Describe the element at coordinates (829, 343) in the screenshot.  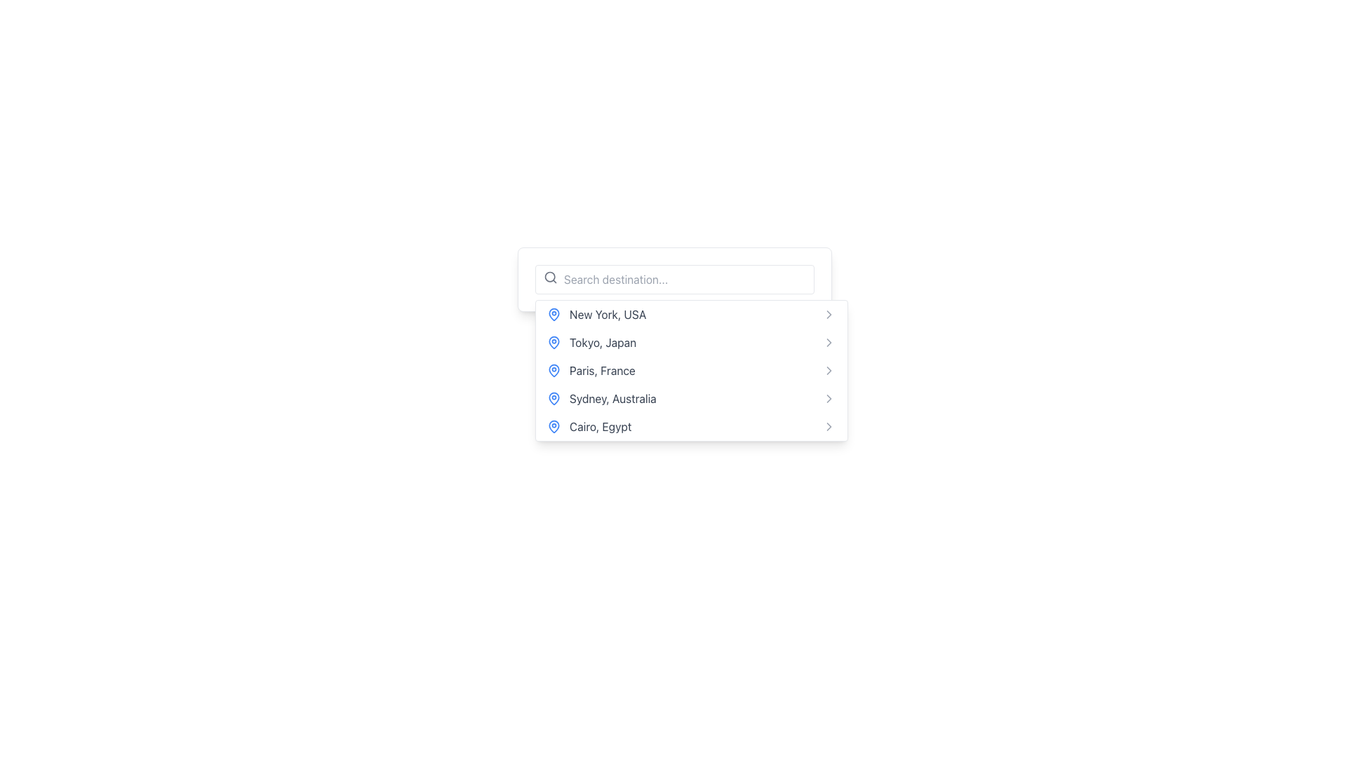
I see `the icon located at the far-right end of the row labeled 'Tokyo, Japan' in the dropdown list, which suggests further navigation or options related to Tokyo` at that location.